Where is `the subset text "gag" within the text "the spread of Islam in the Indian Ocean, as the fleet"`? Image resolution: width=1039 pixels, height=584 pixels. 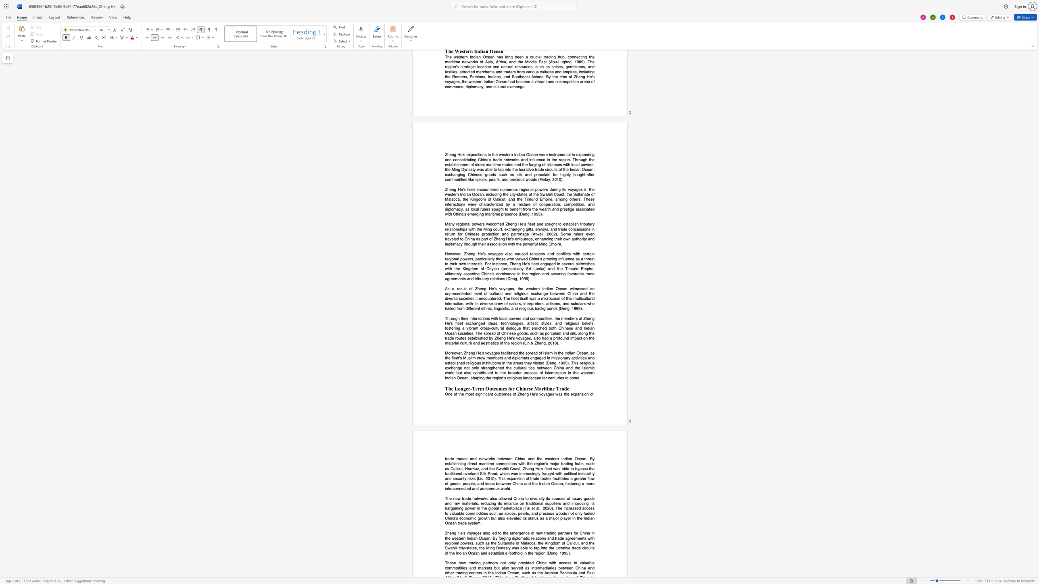
the subset text "gag" within the text "the spread of Islam in the Indian Ocean, as the fleet" is located at coordinates (535, 358).